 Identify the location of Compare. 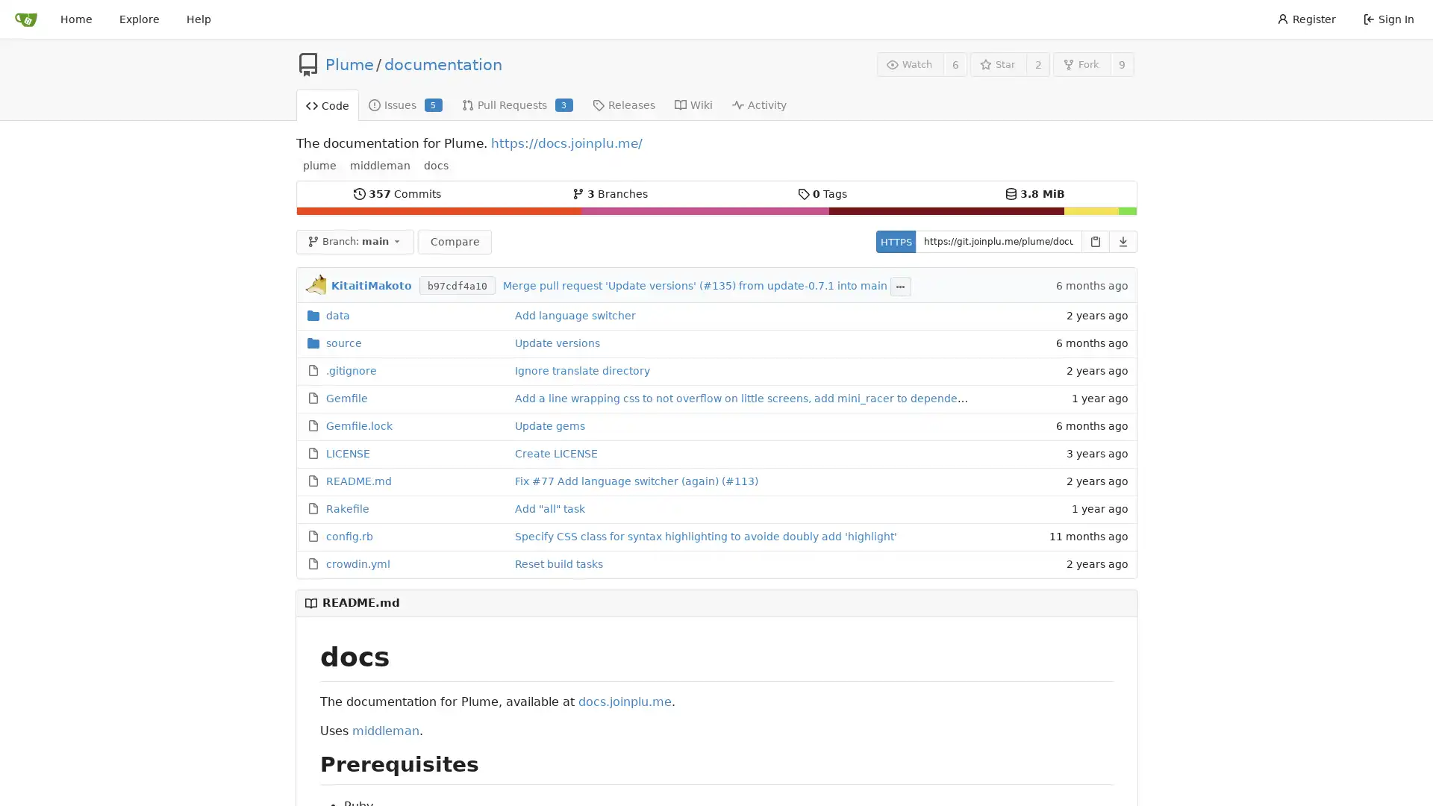
(454, 241).